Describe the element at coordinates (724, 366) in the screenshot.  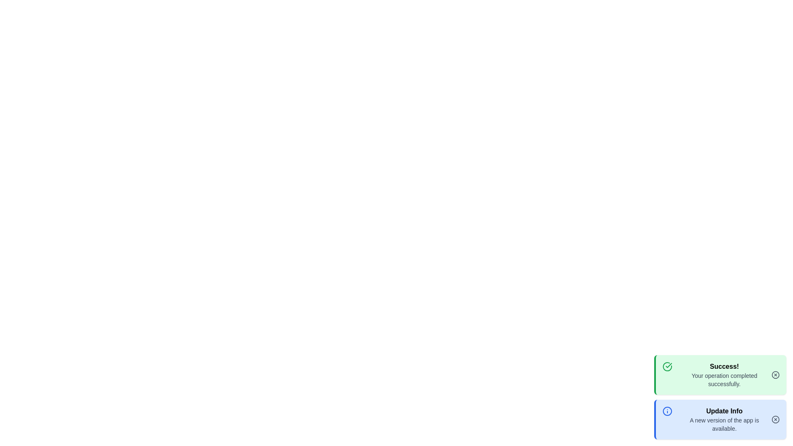
I see `the bold text saying 'Success!' located in the light green notification area at the top of the interface` at that location.